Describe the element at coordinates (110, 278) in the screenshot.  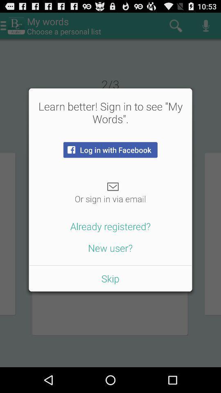
I see `skip item` at that location.